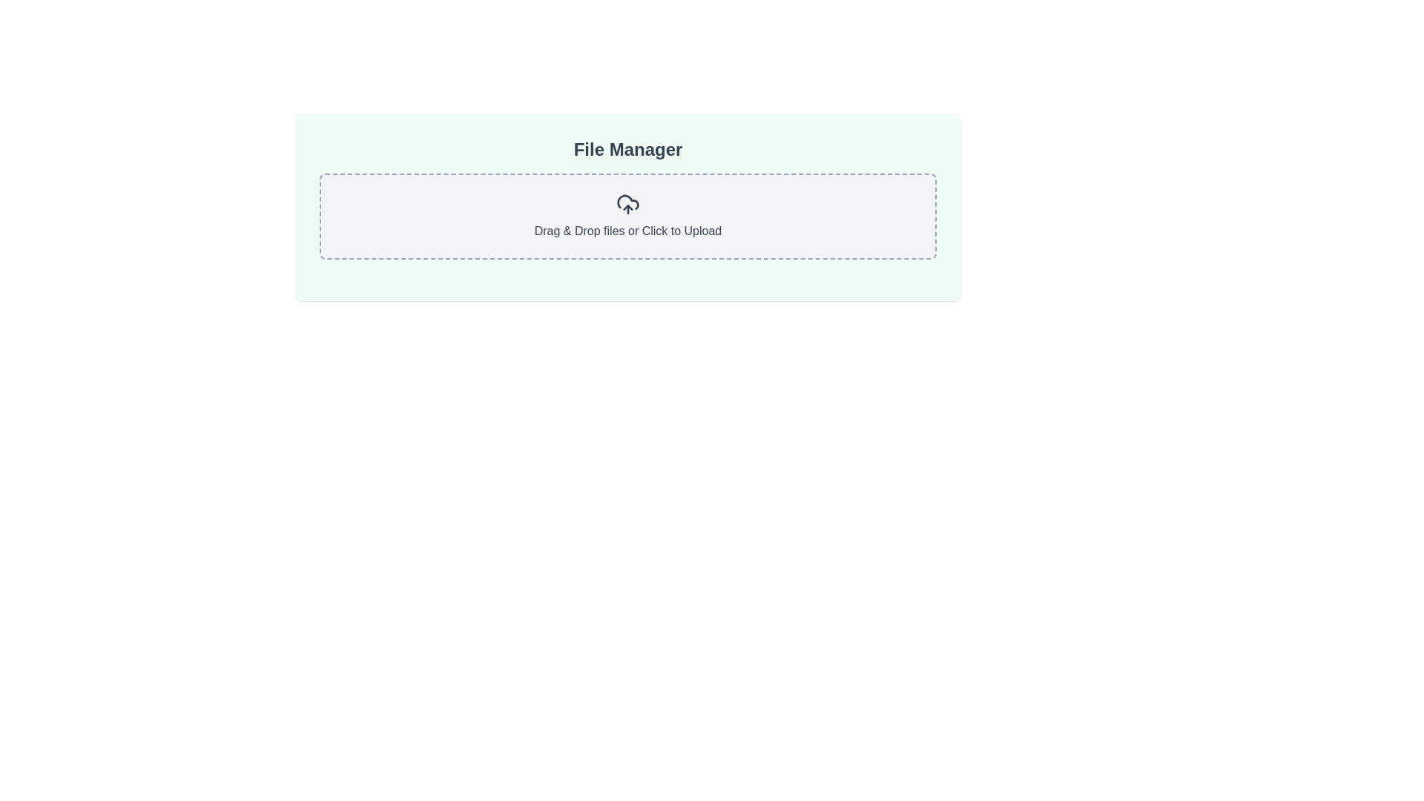  I want to click on the cloud upload icon that visually represents the upload functionality, located near the center of the widget above the text 'Drag & Drop files or Click to Upload', so click(627, 205).